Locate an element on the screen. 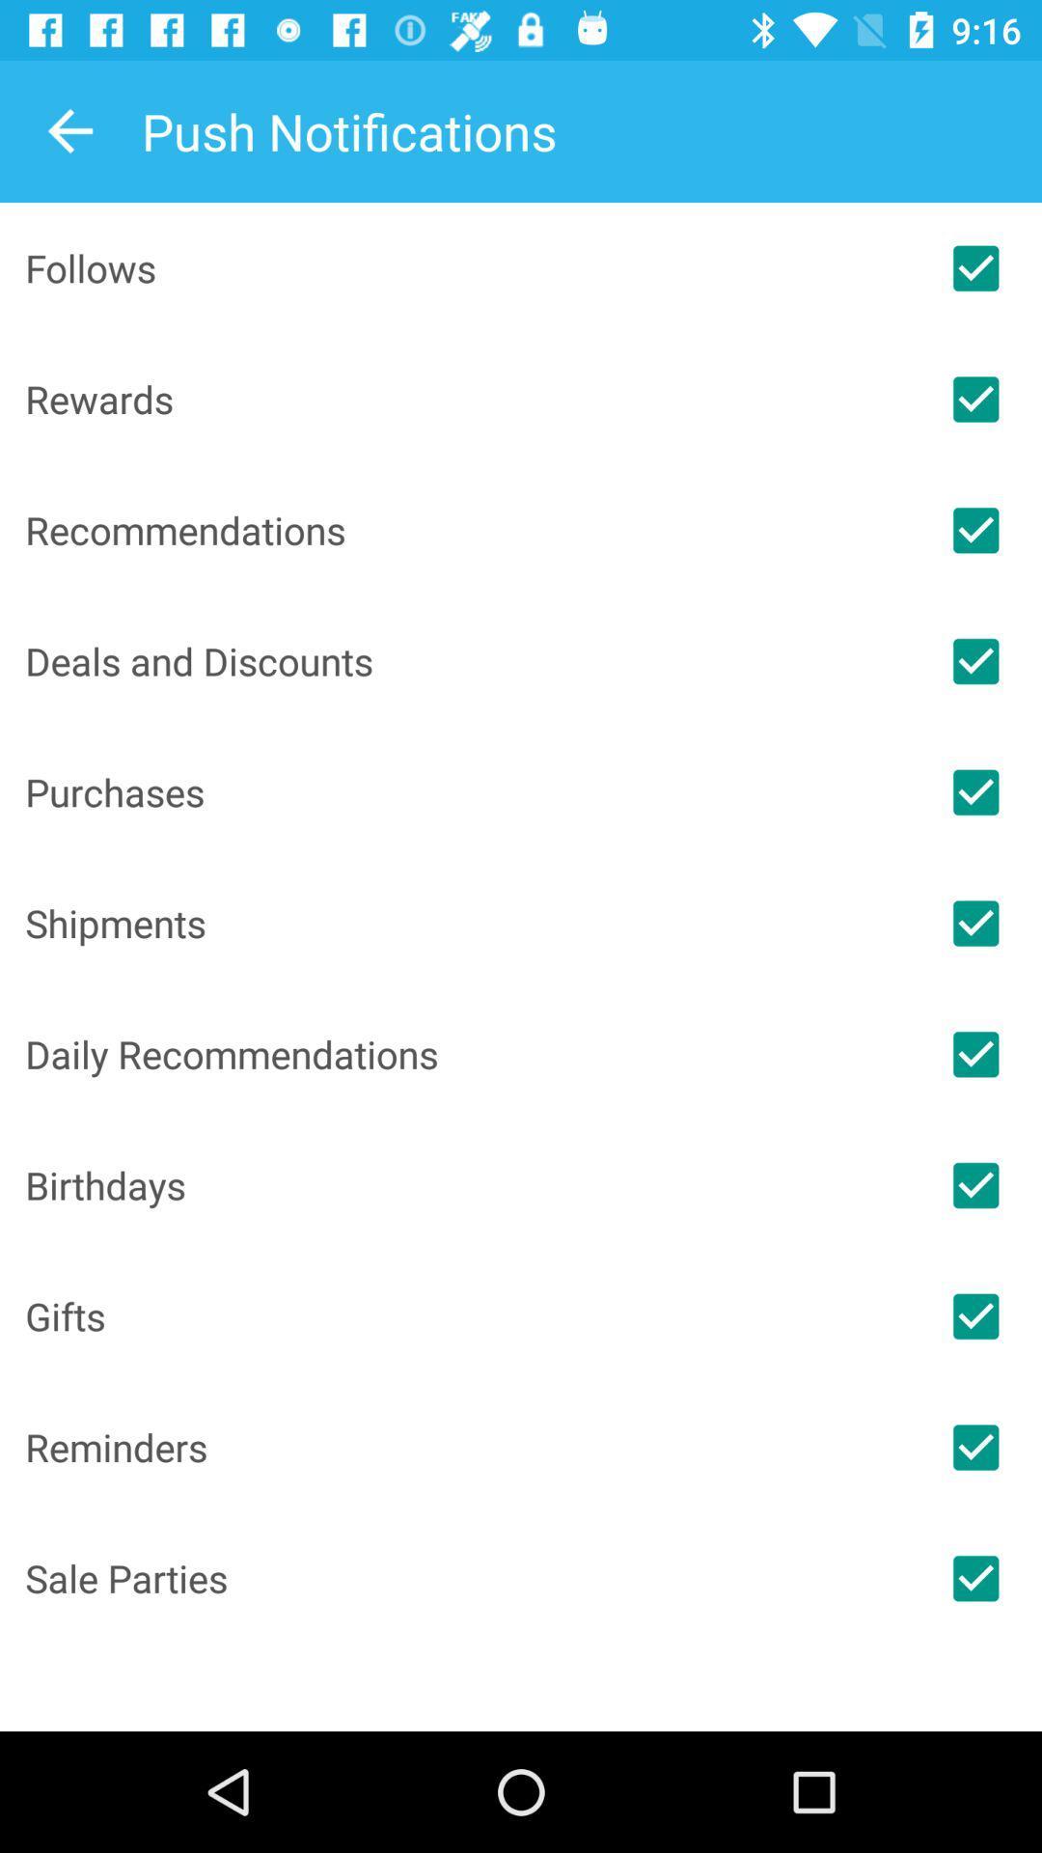 The width and height of the screenshot is (1042, 1853). daily recommendations icon is located at coordinates (467, 1053).